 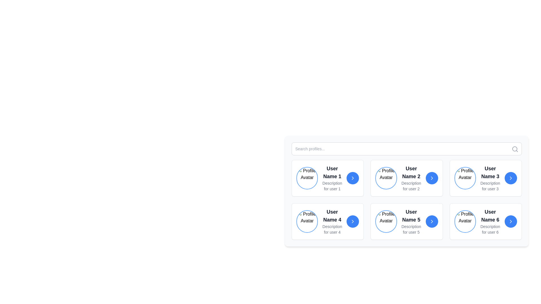 I want to click on the navigation button located in the top right corner of the profile card for 'User Name 3', so click(x=511, y=178).